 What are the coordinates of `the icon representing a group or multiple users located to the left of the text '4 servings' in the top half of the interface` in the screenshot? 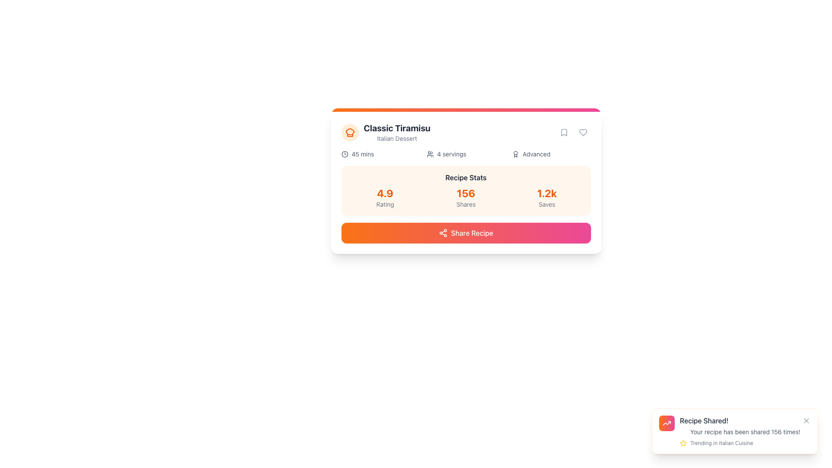 It's located at (430, 153).